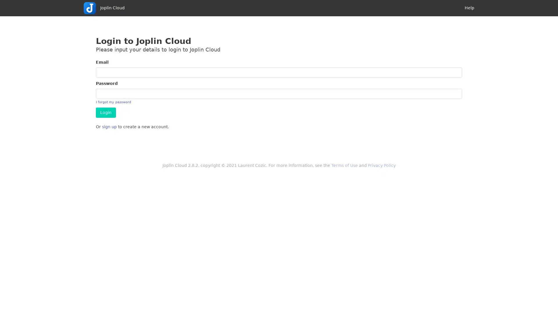 The image size is (558, 314). Describe the element at coordinates (106, 113) in the screenshot. I see `Login` at that location.